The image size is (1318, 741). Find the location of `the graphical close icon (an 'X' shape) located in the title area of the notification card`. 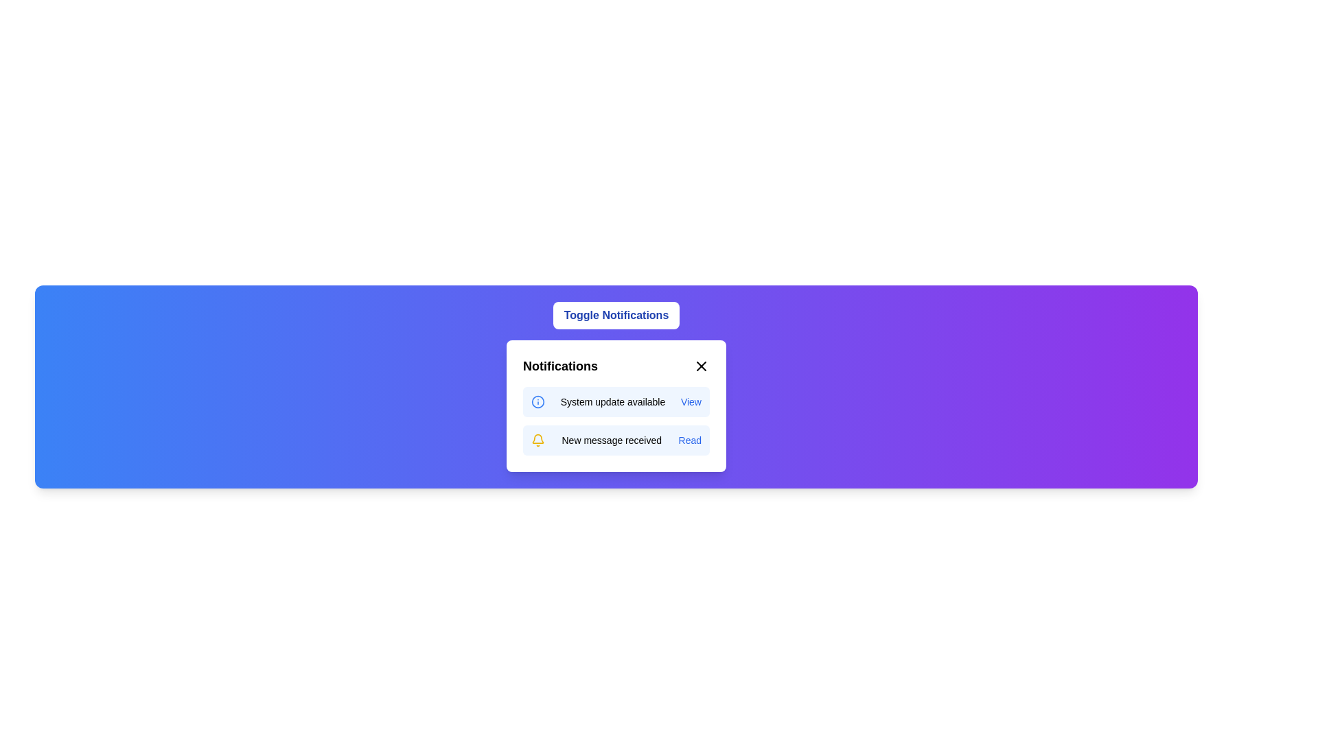

the graphical close icon (an 'X' shape) located in the title area of the notification card is located at coordinates (702, 365).